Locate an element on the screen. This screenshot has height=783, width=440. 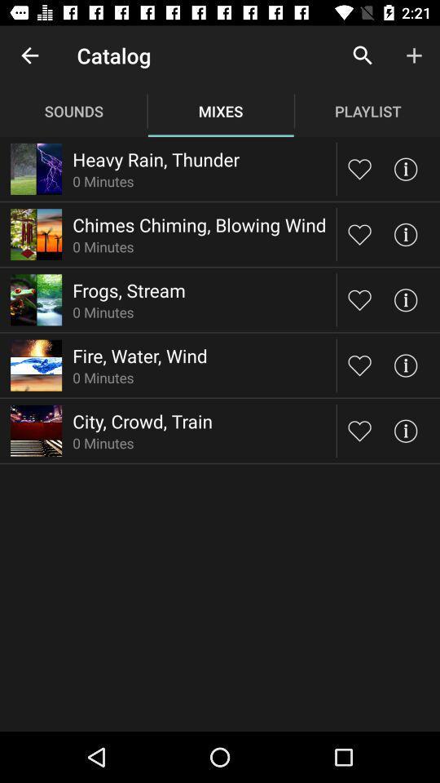
selected element is located at coordinates (359, 430).